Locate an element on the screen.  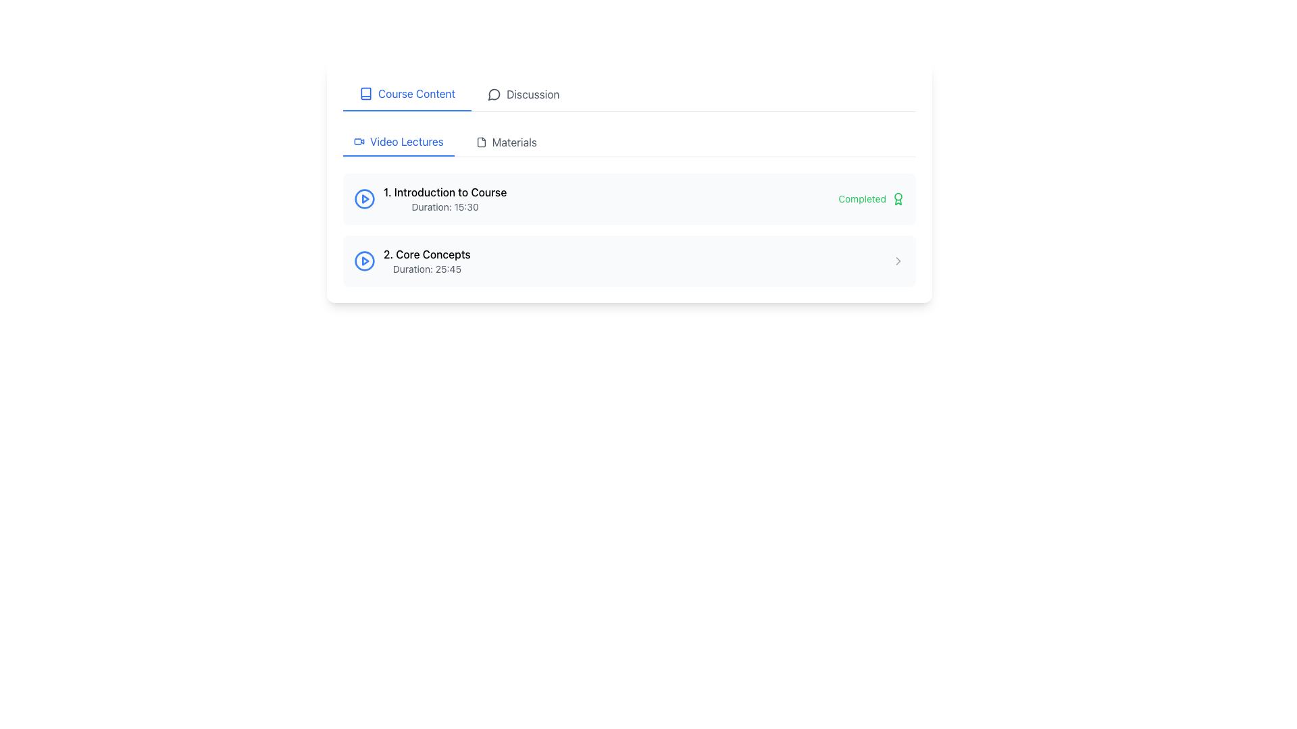
properties of the decorative graphic or SVG component part that is part of the video icon next to the text '1. Introduction to Course' is located at coordinates (364, 198).